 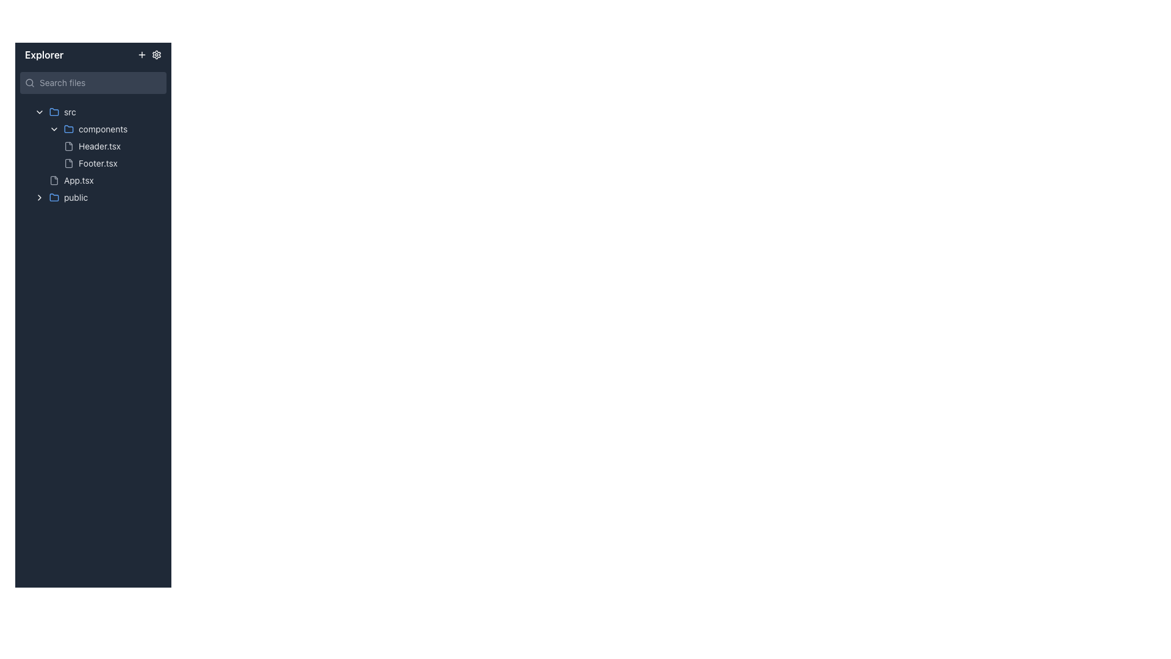 I want to click on the text label for the file 'Header.tsx' in the file explorer, so click(x=105, y=145).